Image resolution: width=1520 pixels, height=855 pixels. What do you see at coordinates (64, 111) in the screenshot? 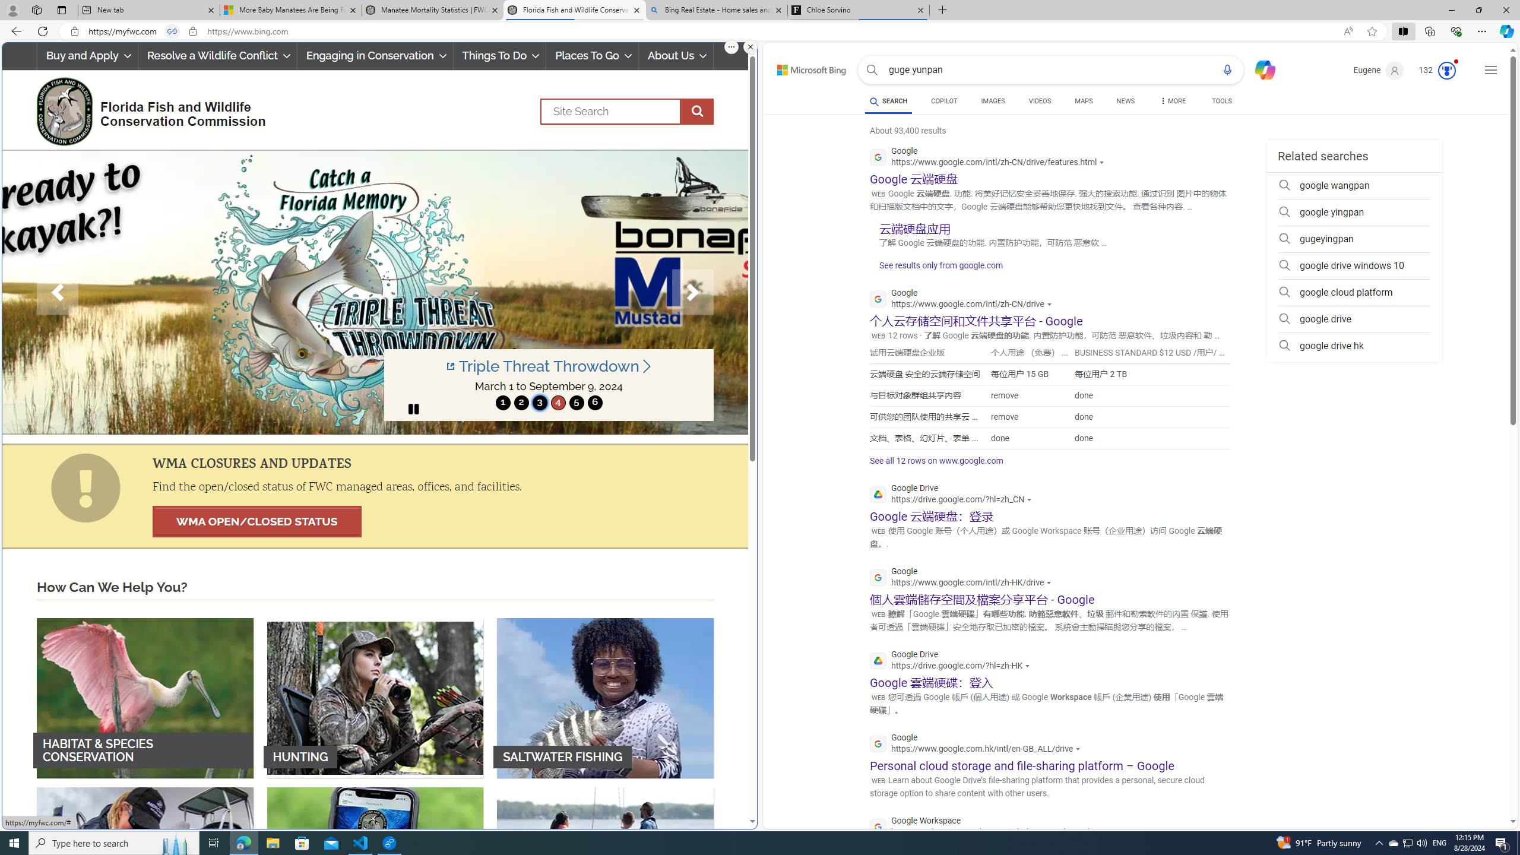
I see `'FWC Logo'` at bounding box center [64, 111].